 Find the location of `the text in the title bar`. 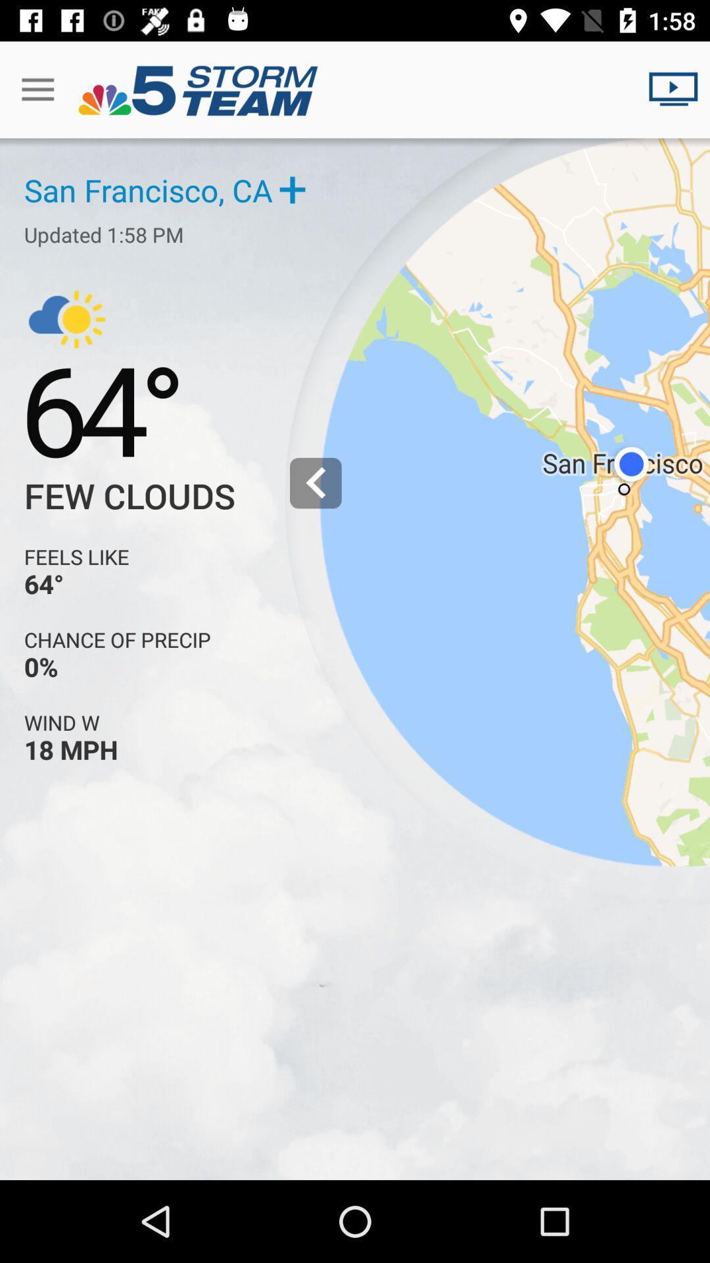

the text in the title bar is located at coordinates (355, 88).